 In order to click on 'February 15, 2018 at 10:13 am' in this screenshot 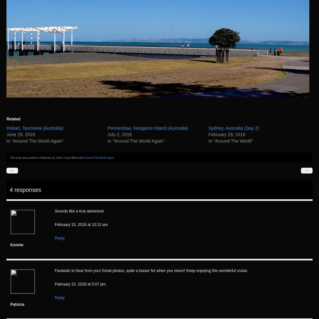, I will do `click(81, 224)`.